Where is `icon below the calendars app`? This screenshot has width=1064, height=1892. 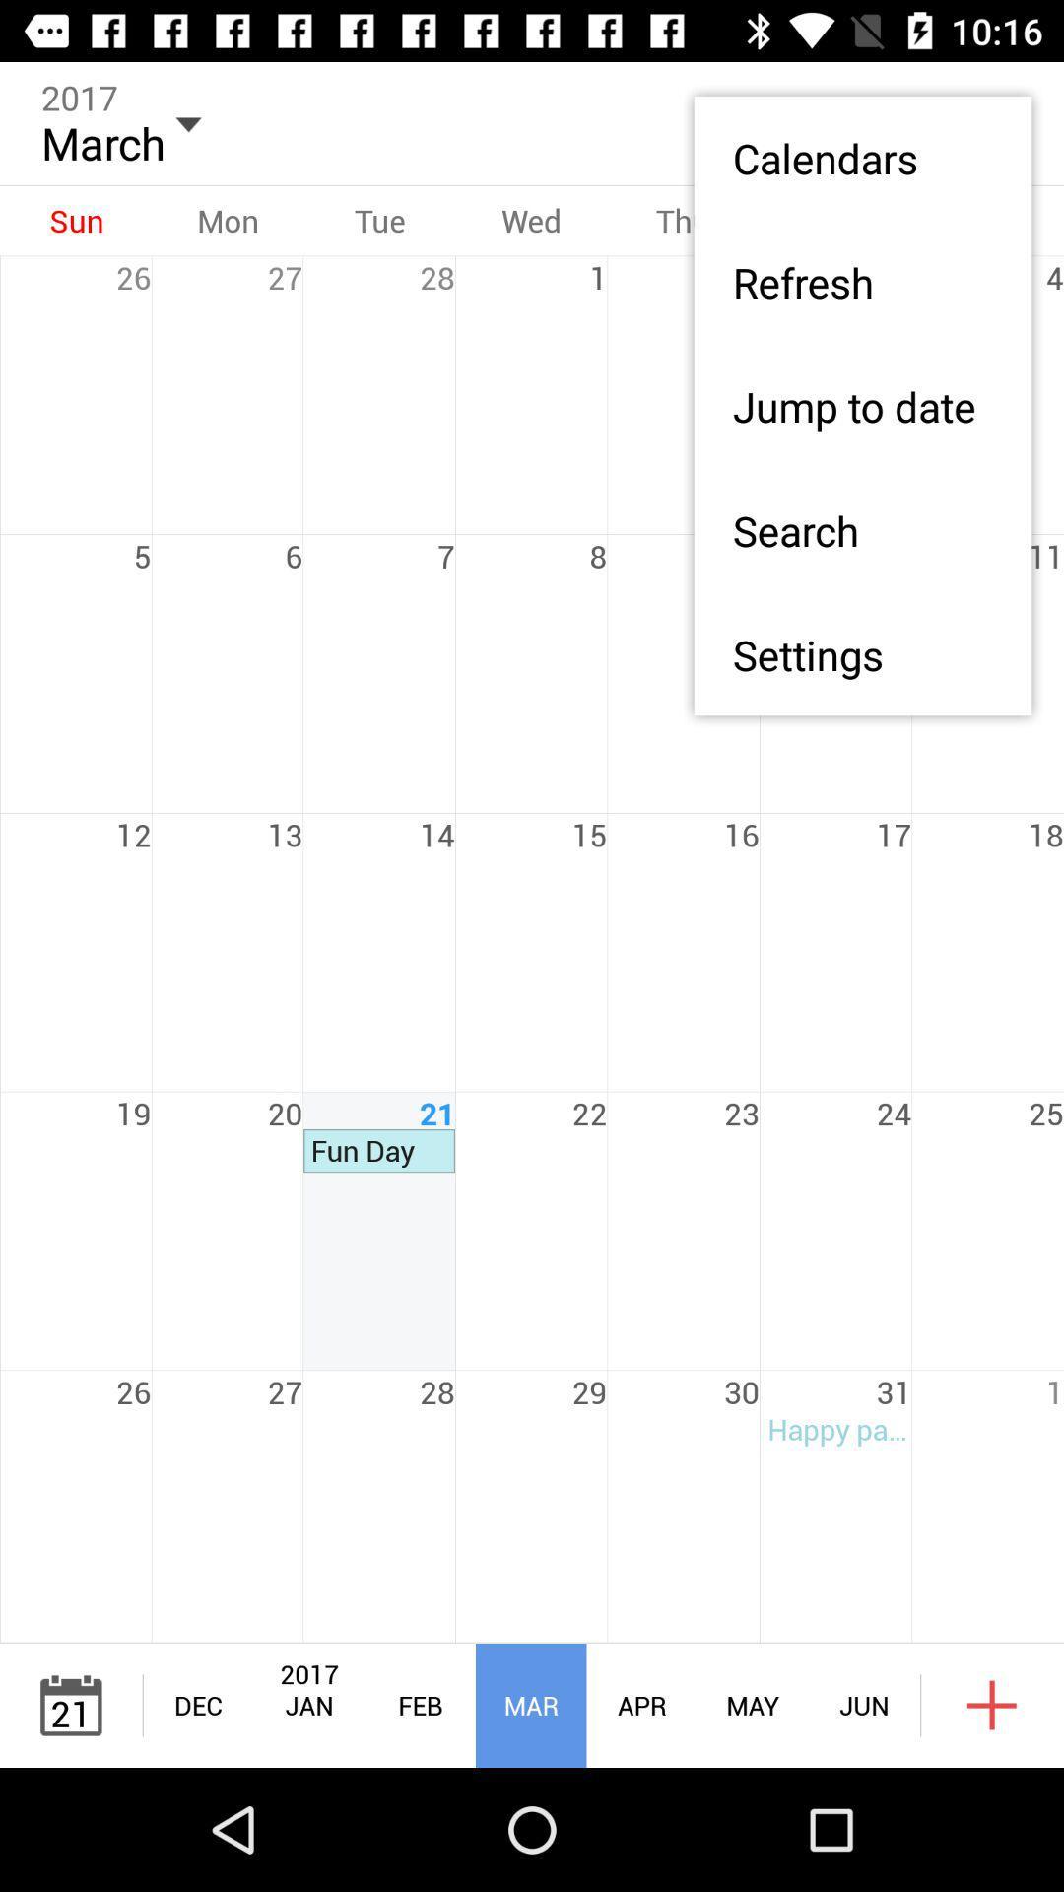 icon below the calendars app is located at coordinates (861, 281).